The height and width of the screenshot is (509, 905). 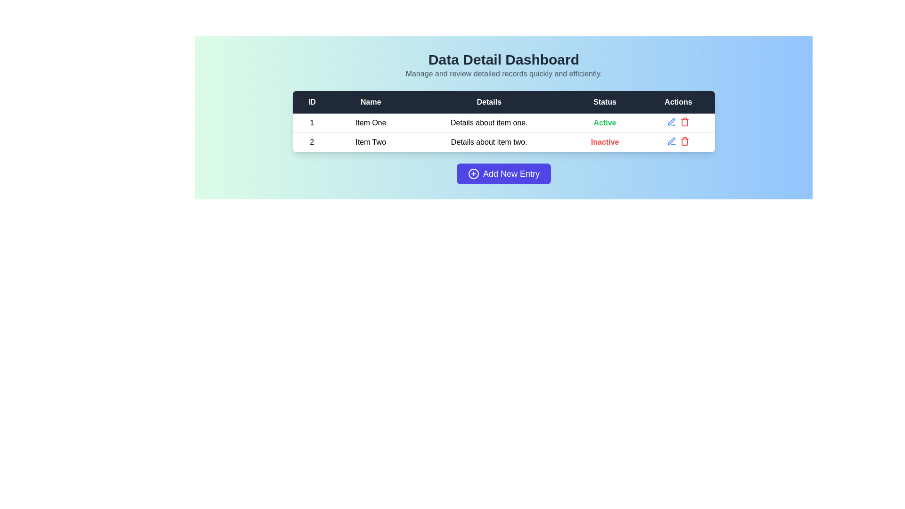 I want to click on SVG Circle Element, which is part of the button labeled 'Add New Entry' with a blue background and white text, located at the bottom portion of the interface, so click(x=473, y=174).